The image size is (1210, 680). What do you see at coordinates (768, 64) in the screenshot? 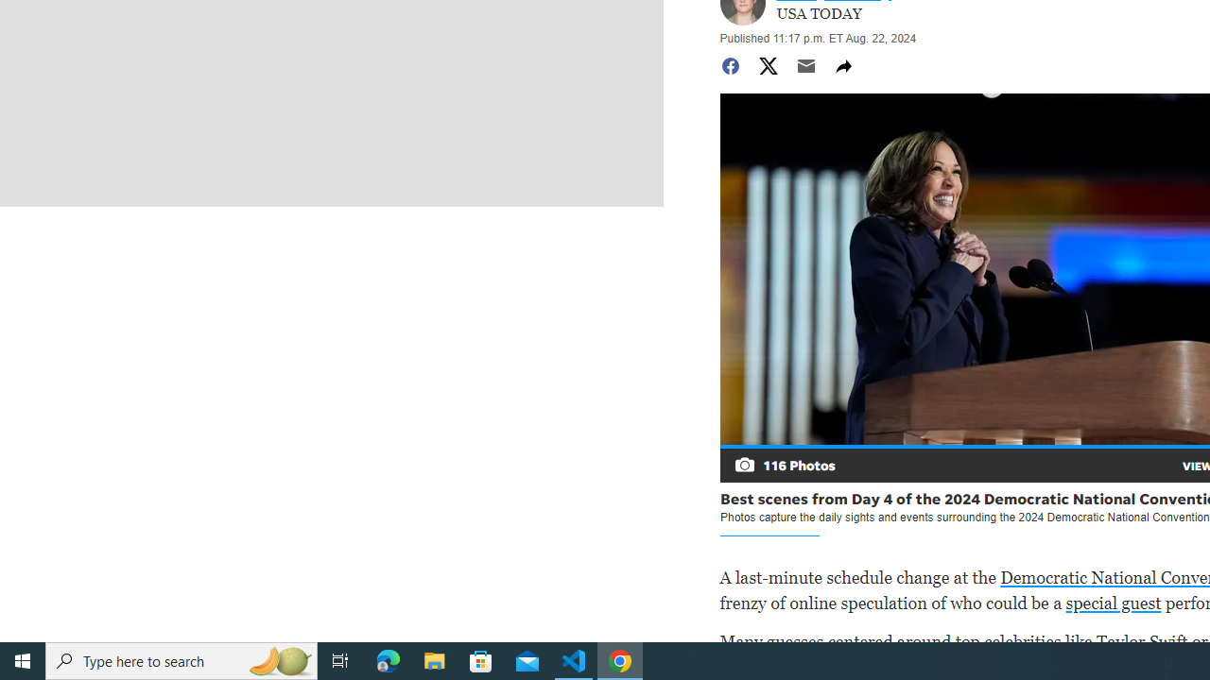
I see `'Share to Twitter'` at bounding box center [768, 64].